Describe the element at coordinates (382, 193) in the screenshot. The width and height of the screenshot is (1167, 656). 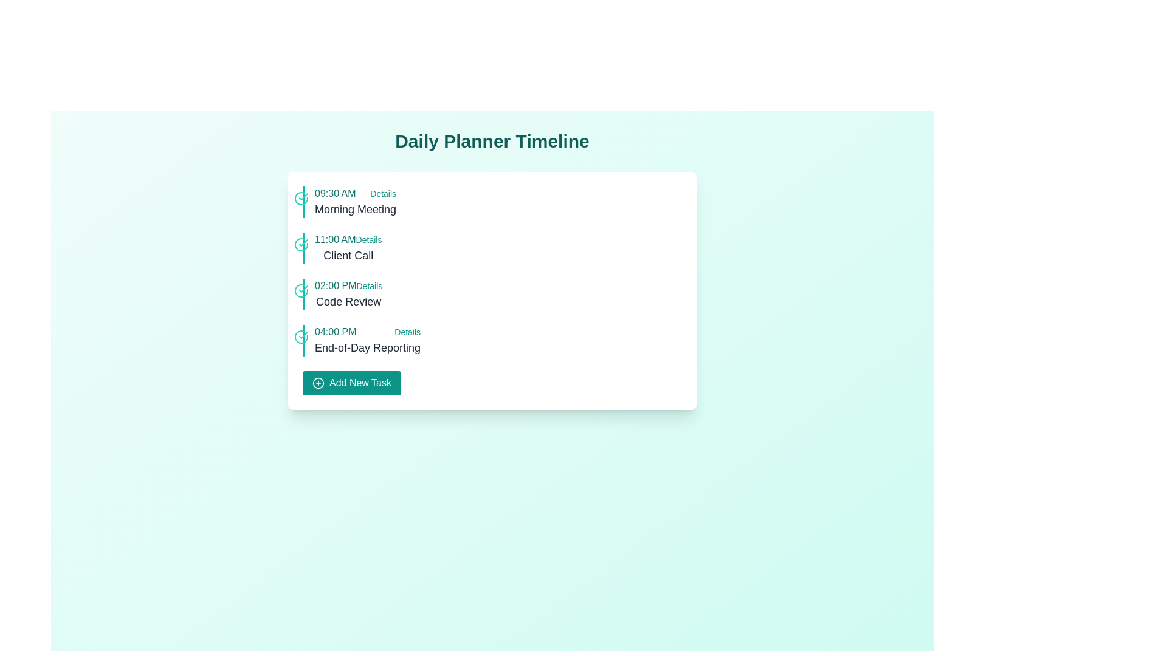
I see `the button that provides access to detailed information or actions related to the '09:30 AM Morning Meeting' timeline entry` at that location.